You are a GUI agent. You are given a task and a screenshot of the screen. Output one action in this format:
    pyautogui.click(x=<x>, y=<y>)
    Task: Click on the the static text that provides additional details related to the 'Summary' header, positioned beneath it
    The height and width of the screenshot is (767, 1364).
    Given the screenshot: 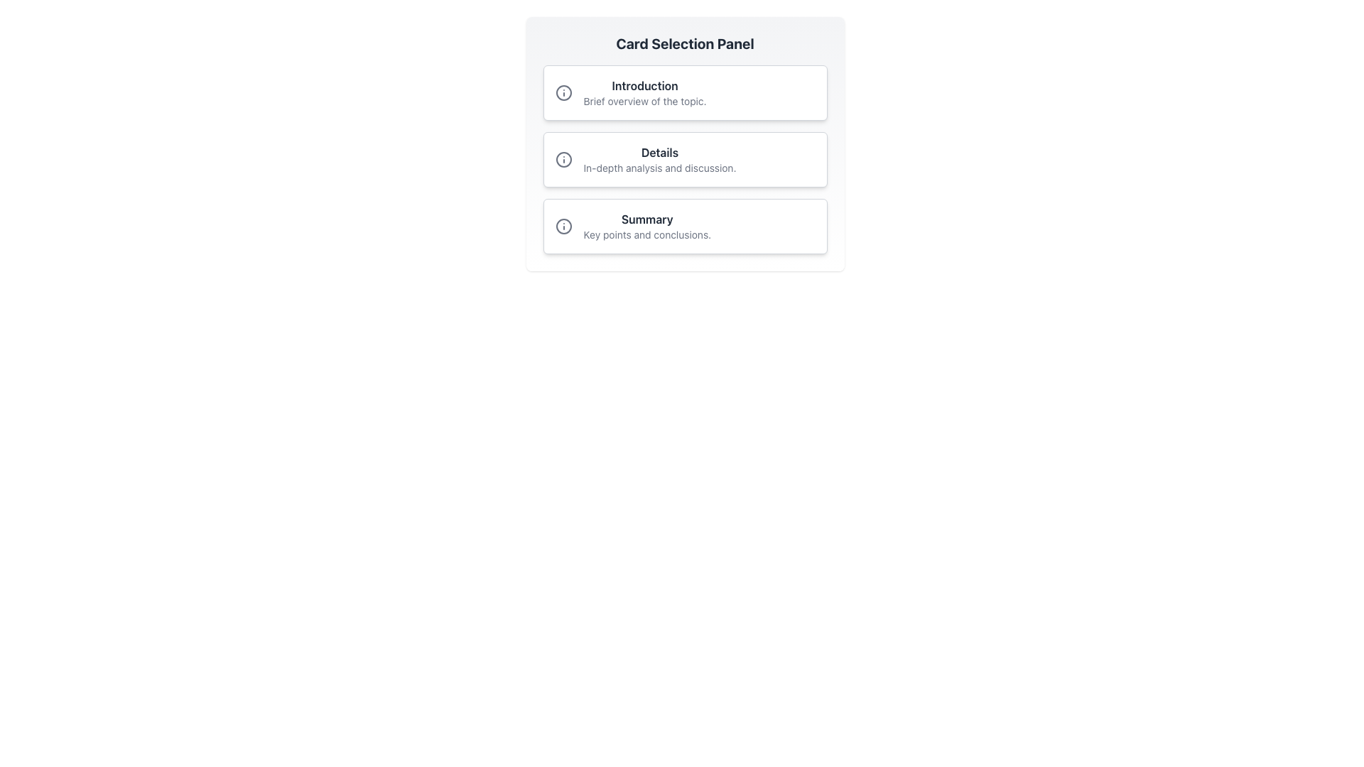 What is the action you would take?
    pyautogui.click(x=646, y=234)
    